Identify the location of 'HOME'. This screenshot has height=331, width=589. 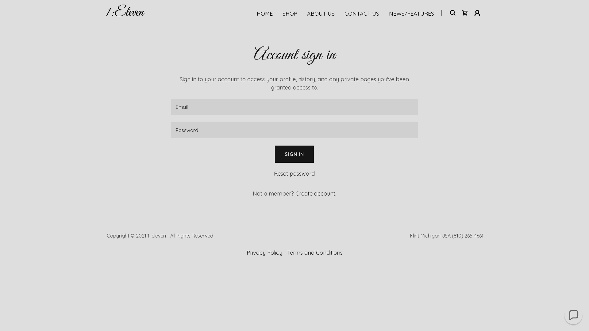
(265, 14).